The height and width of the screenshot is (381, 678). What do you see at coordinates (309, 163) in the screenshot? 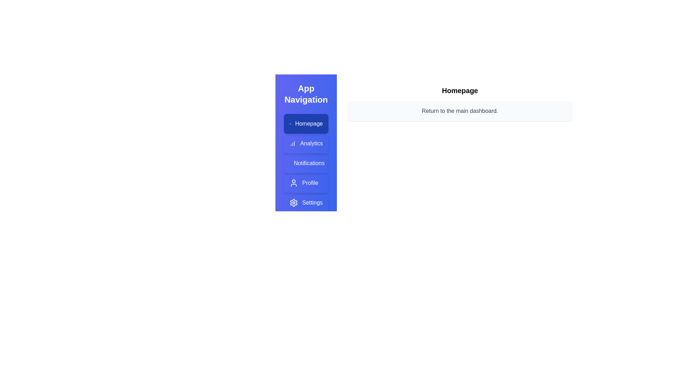
I see `'Notifications' text label in the vertical navigation menu to understand the button's purpose` at bounding box center [309, 163].